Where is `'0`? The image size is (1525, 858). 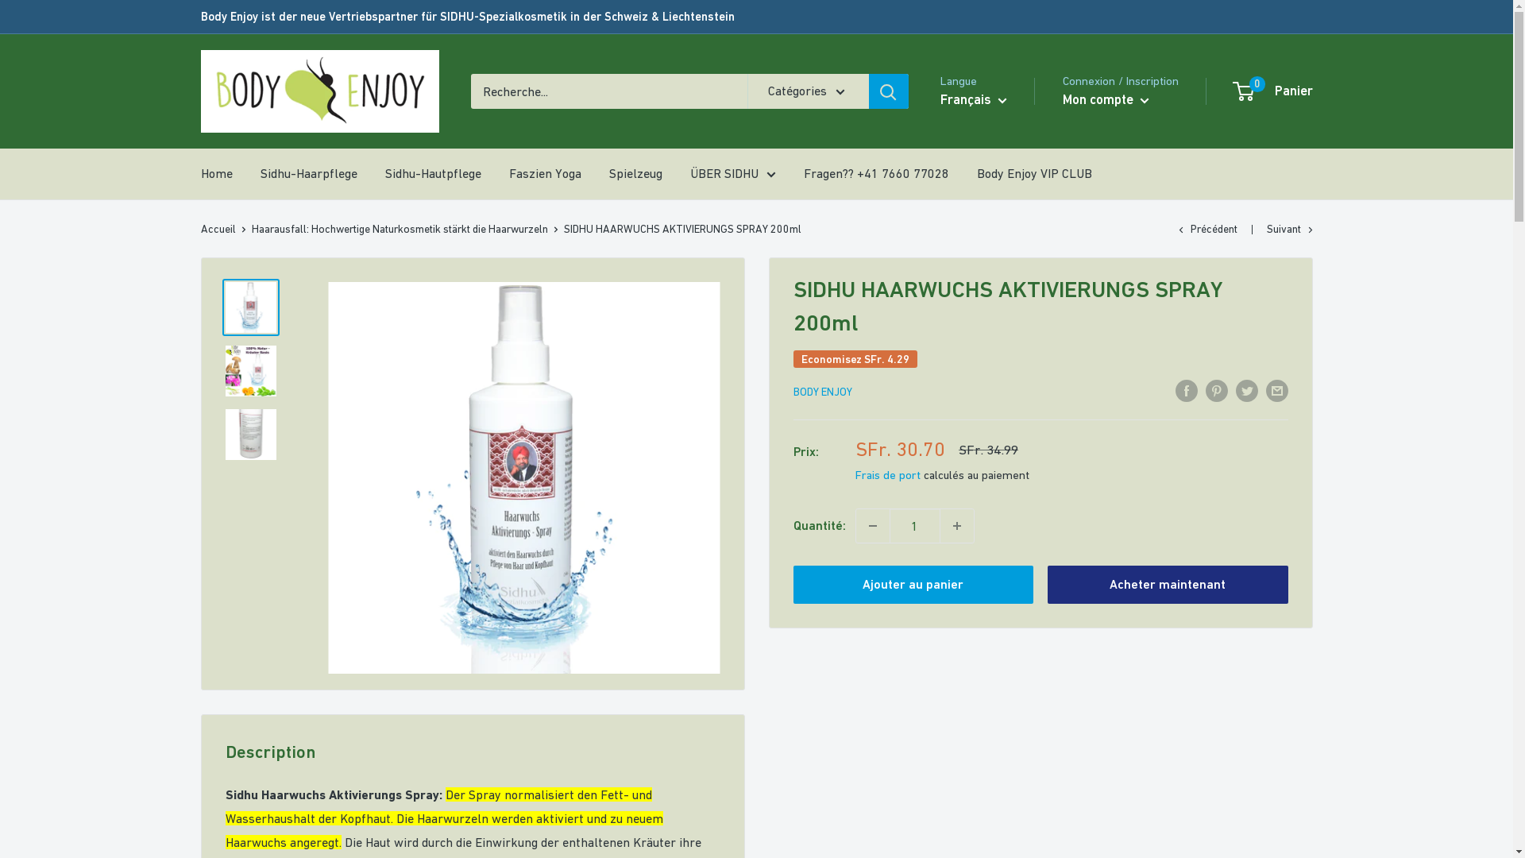 '0 is located at coordinates (1234, 91).